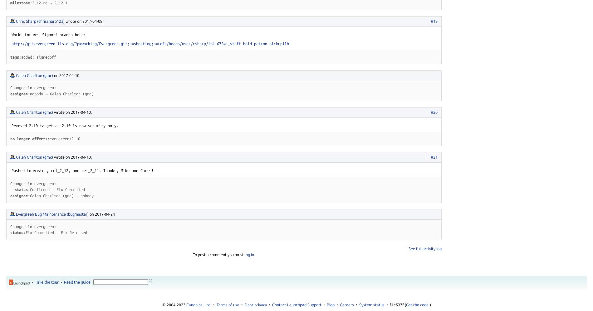  Describe the element at coordinates (417, 304) in the screenshot. I see `'Get the code!'` at that location.